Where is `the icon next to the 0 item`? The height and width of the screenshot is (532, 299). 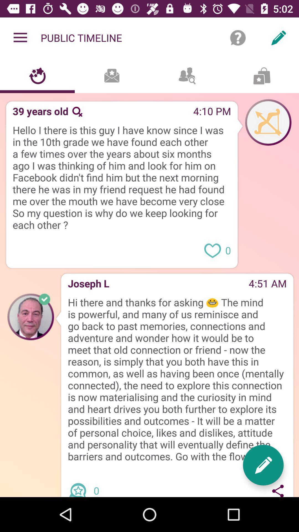
the icon next to the 0 item is located at coordinates (278, 490).